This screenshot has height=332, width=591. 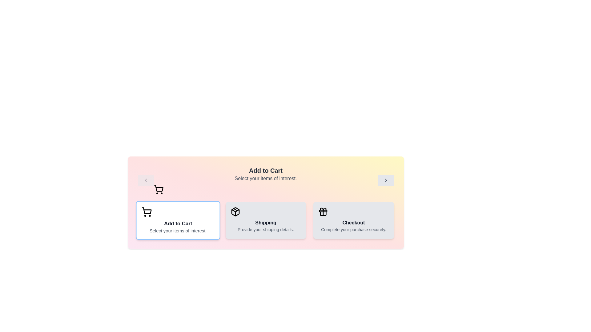 I want to click on information presented in the 'Shipping' informational box, which contains the title 'Shipping' and subtitle 'Provide your shipping details.', so click(x=266, y=220).